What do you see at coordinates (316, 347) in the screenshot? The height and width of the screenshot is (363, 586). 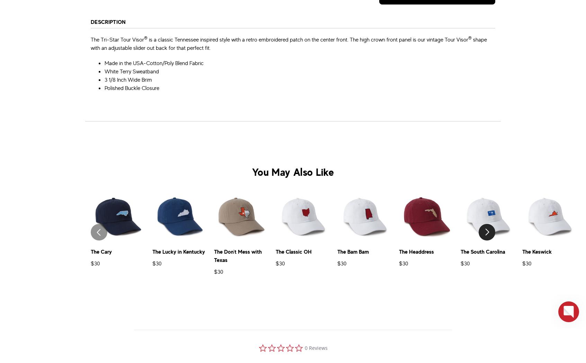 I see `'0 Reviews'` at bounding box center [316, 347].